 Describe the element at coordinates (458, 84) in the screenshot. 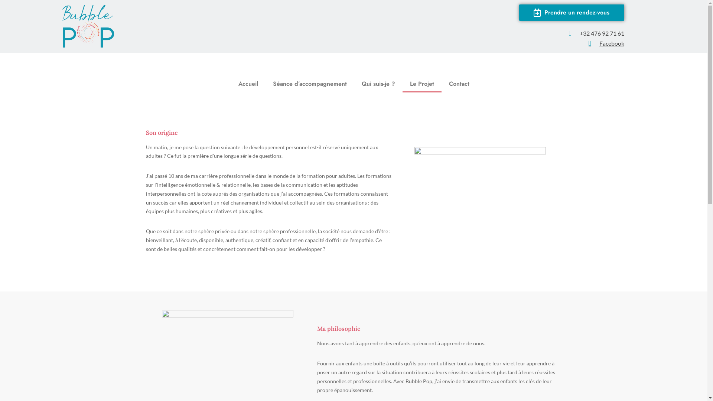

I see `'Contact'` at that location.